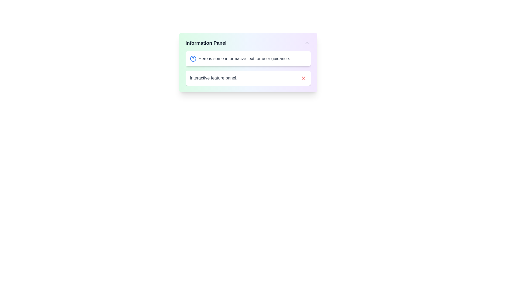 The image size is (518, 291). I want to click on the static text displaying 'Here is some informative text for user guidance.' which is styled in gray font and located in a white rounded rectangle box, so click(244, 59).